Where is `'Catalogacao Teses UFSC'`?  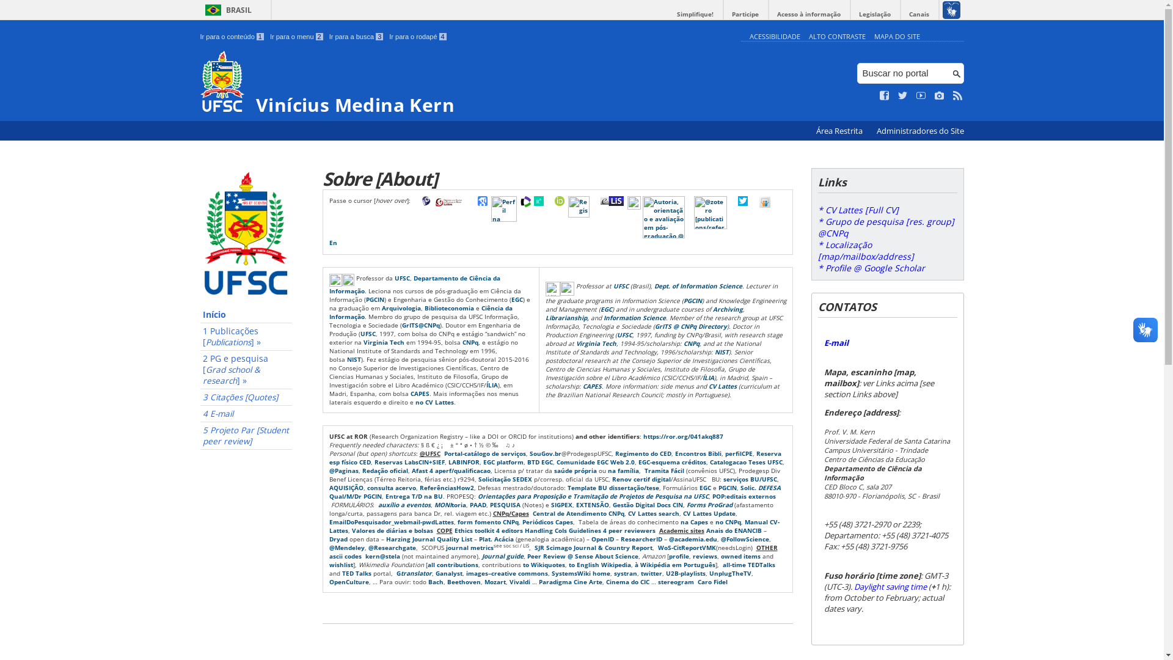 'Catalogacao Teses UFSC' is located at coordinates (745, 462).